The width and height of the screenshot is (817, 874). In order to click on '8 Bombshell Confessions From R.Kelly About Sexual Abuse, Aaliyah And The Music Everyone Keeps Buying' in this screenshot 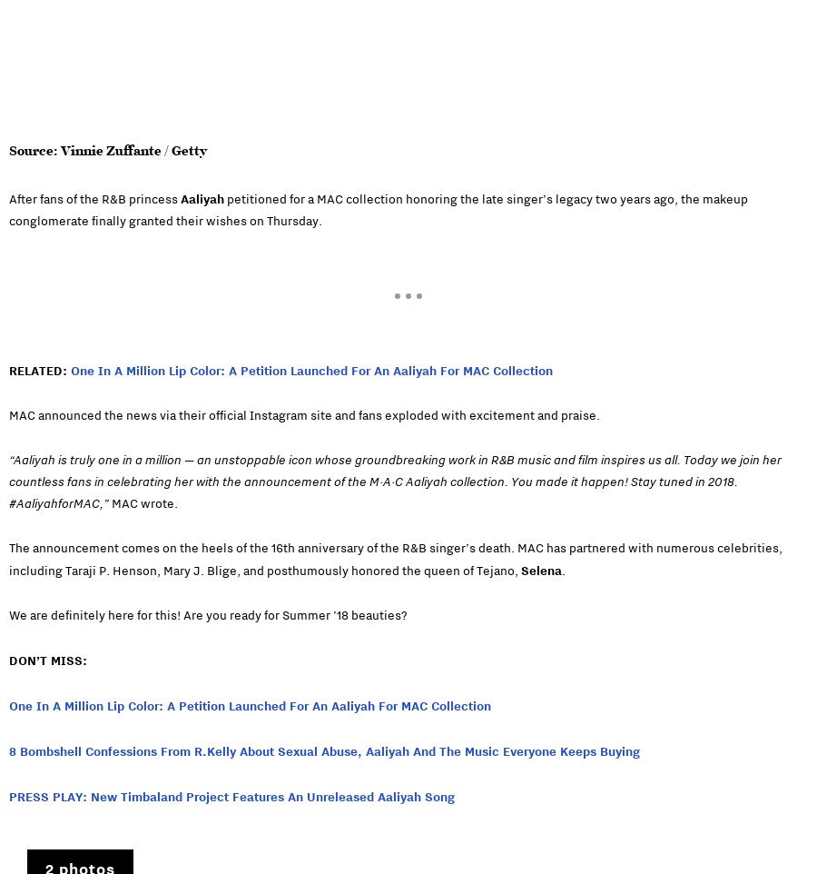, I will do `click(7, 750)`.